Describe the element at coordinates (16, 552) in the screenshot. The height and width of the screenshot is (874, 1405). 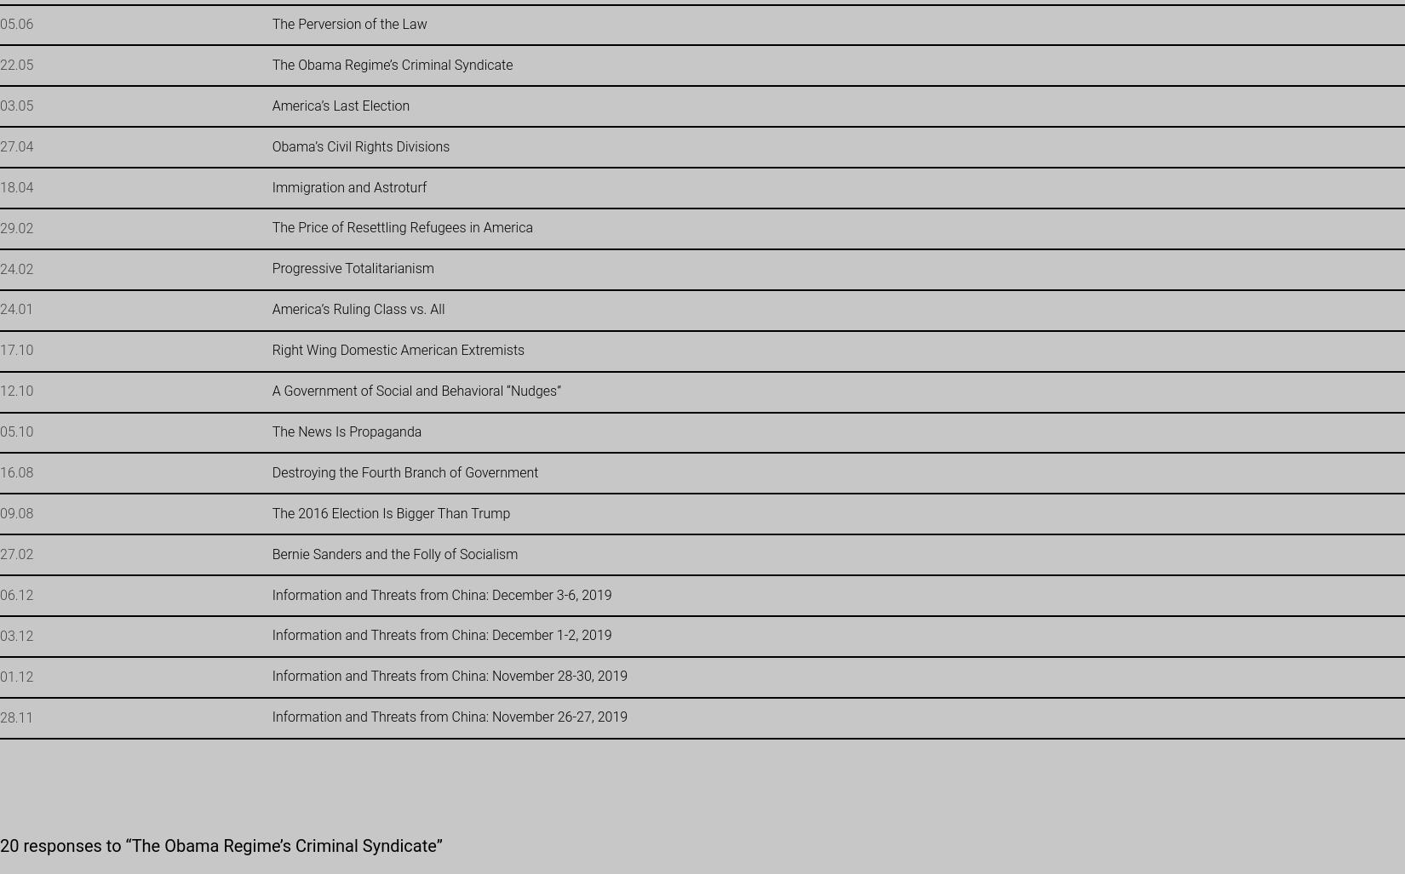
I see `'27.02'` at that location.